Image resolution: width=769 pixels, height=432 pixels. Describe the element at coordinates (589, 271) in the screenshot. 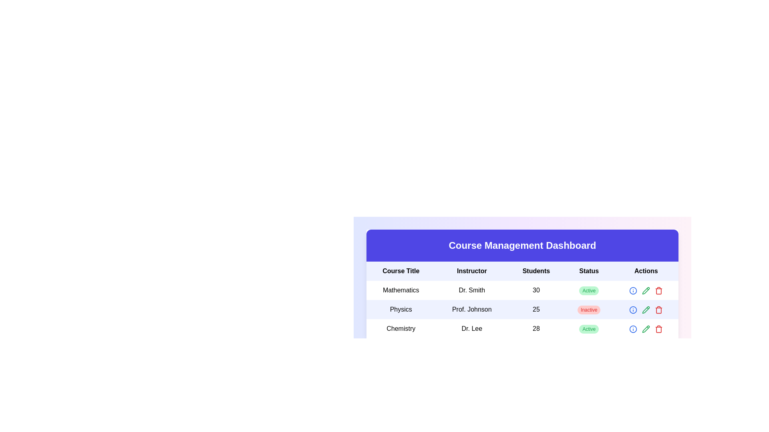

I see `the 'Status' header in the data table, which is the fourth column header, indicating the current status of listed items` at that location.